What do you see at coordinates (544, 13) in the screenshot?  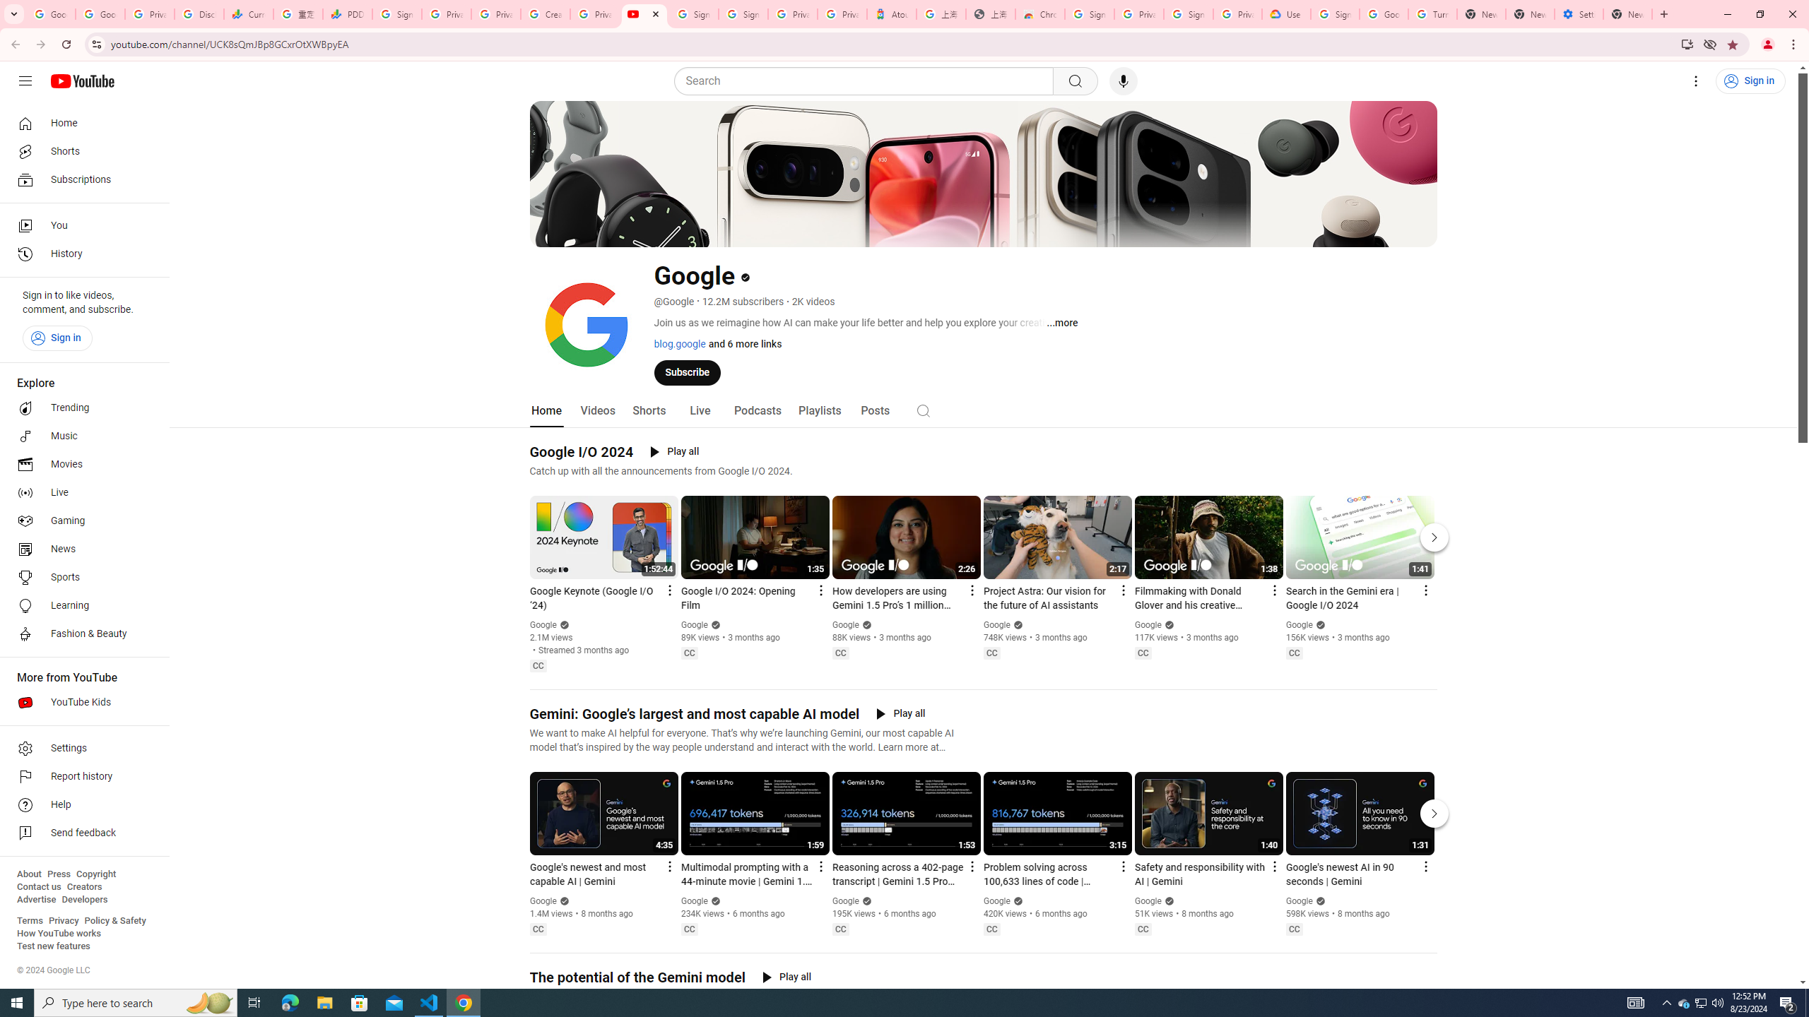 I see `'Create your Google Account'` at bounding box center [544, 13].